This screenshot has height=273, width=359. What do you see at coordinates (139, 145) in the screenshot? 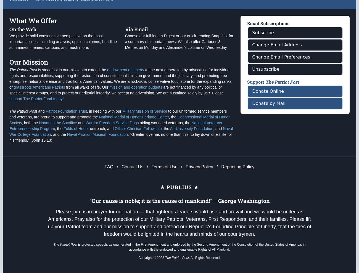
I see `'aiding wounded veterans, the'` at bounding box center [139, 145].